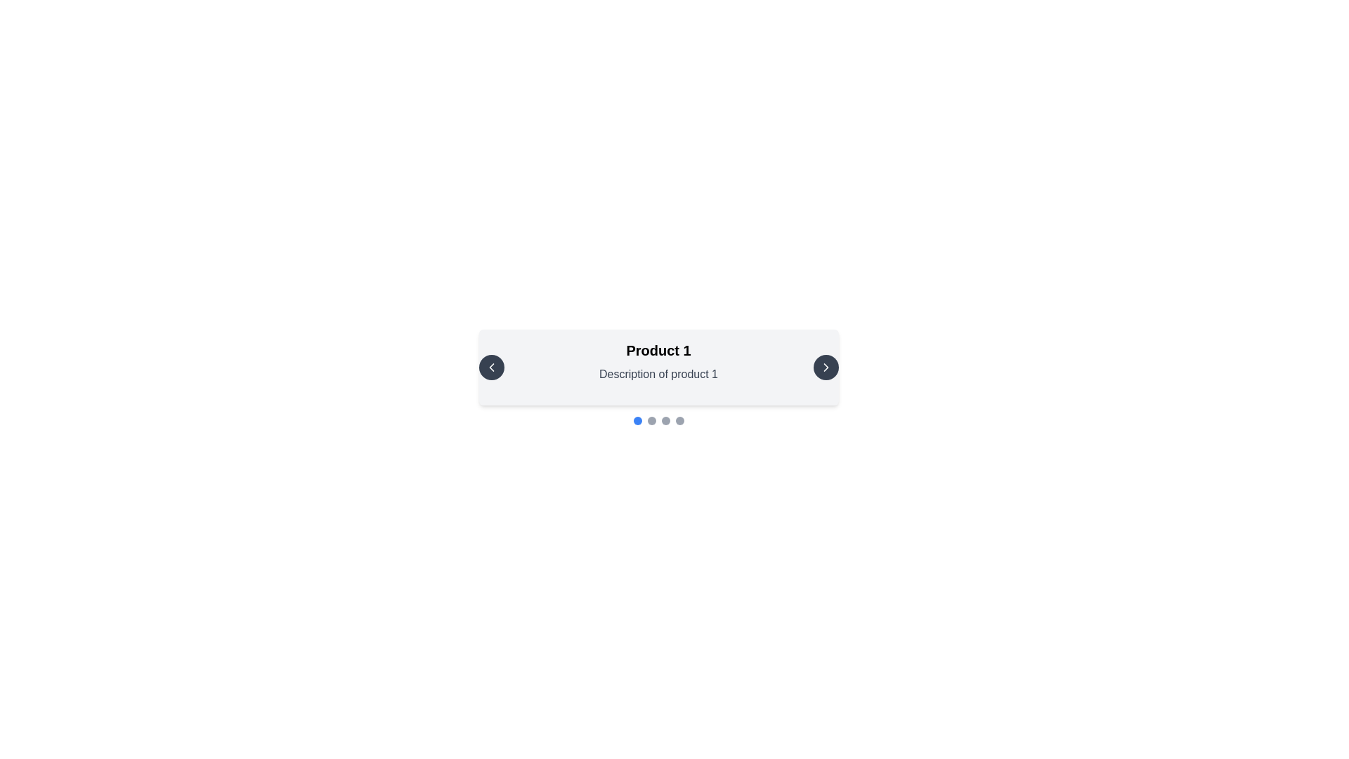 The width and height of the screenshot is (1349, 759). Describe the element at coordinates (491, 367) in the screenshot. I see `the left-facing chevron icon button within the circular button on the left portion of the card` at that location.